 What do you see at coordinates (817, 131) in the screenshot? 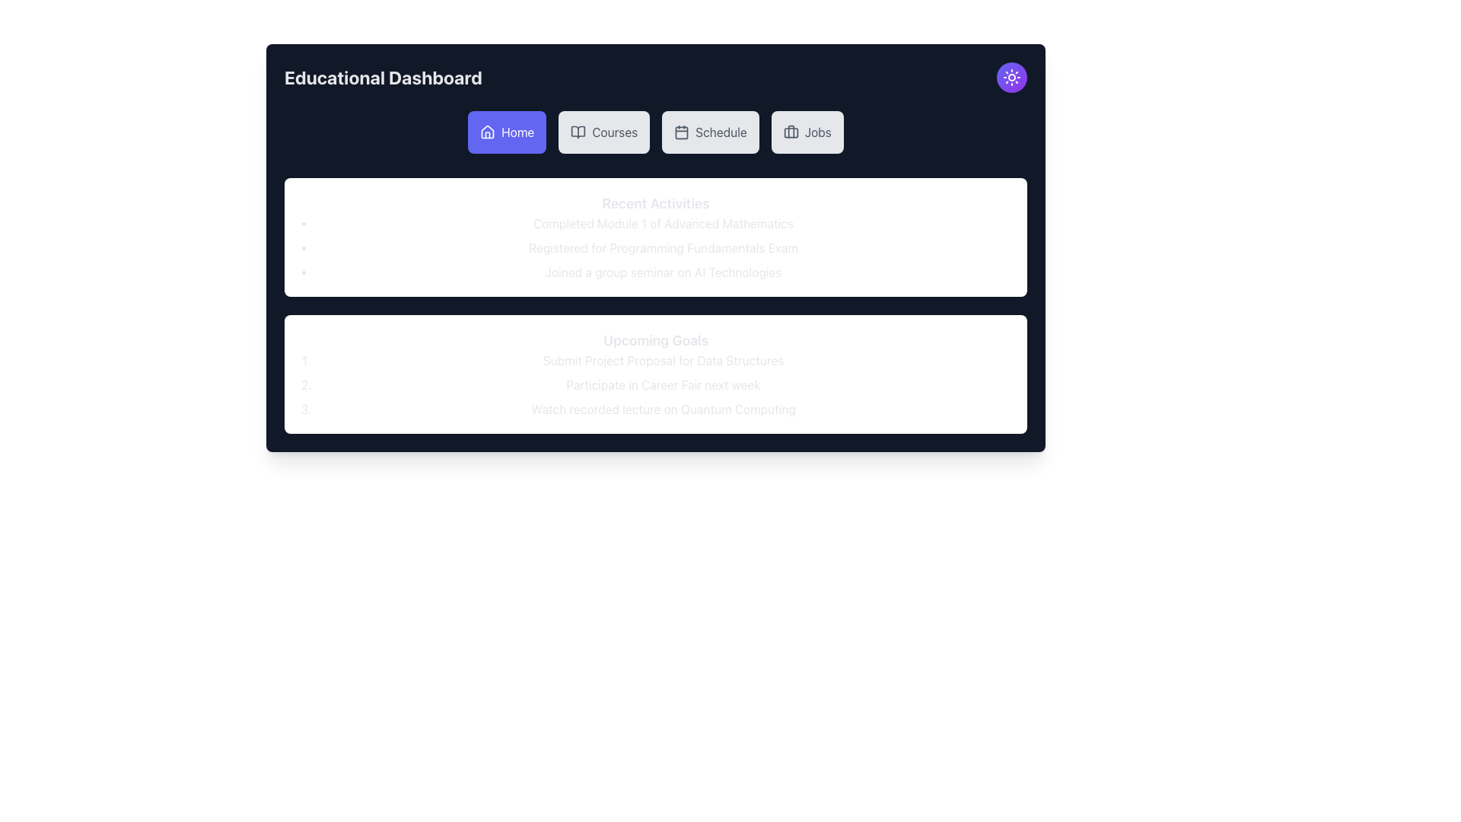
I see `the 'Jobs' text label located within the fourth button of the navigation row, which is displayed in gray on a light-gray rounded rectangular background` at bounding box center [817, 131].